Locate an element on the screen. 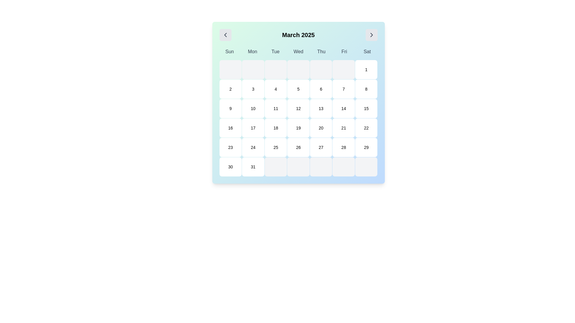  the button that navigates to the previous month in the calendar view, located to the left of the text label reading 'March 2025', to change its background color is located at coordinates (225, 35).